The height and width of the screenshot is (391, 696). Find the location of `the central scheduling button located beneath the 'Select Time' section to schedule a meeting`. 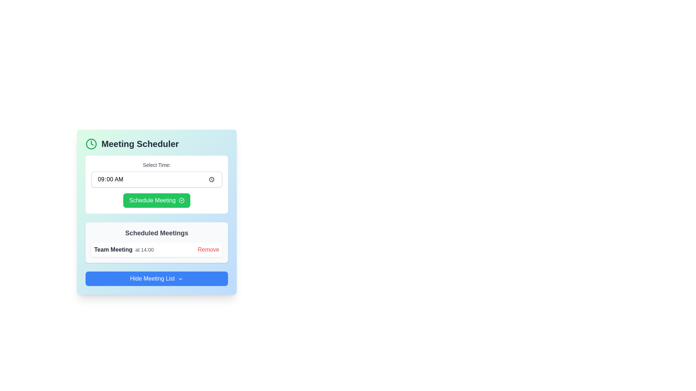

the central scheduling button located beneath the 'Select Time' section to schedule a meeting is located at coordinates (156, 201).